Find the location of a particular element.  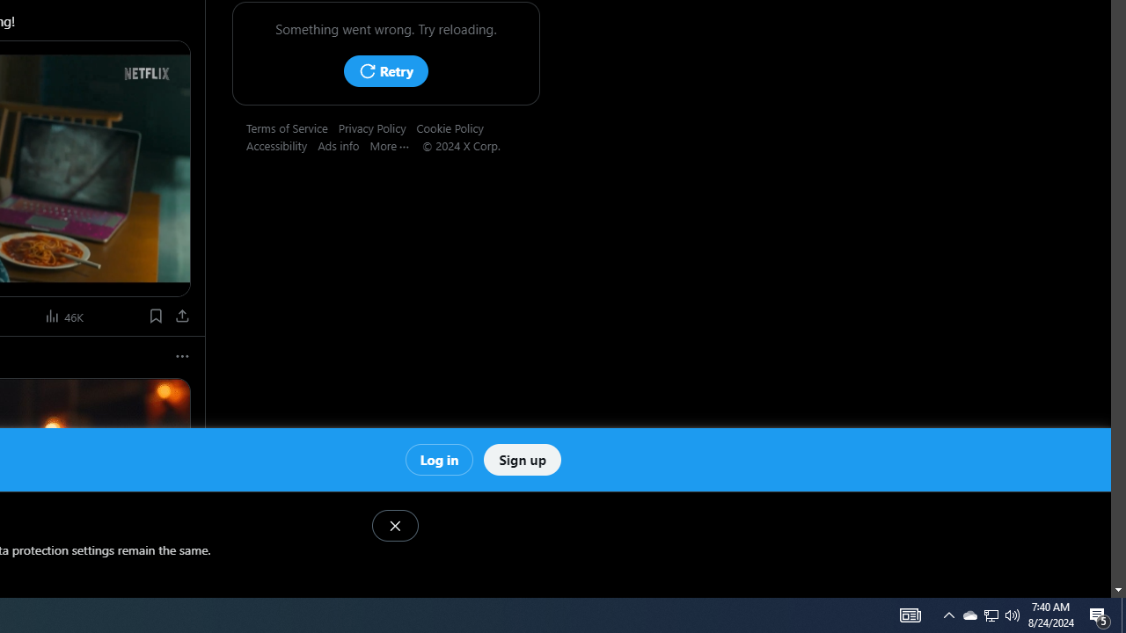

'46751 views. View post analytics' is located at coordinates (65, 315).